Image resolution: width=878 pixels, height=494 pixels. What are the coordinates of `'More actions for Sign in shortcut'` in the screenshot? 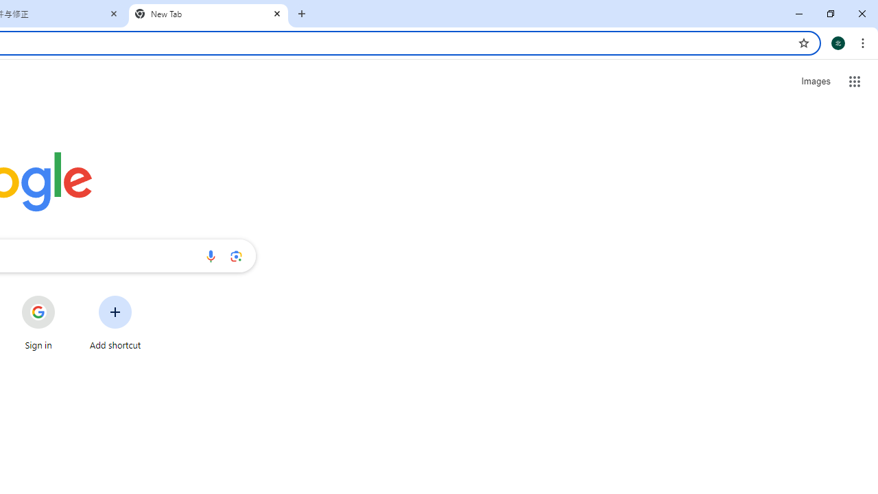 It's located at (65, 296).